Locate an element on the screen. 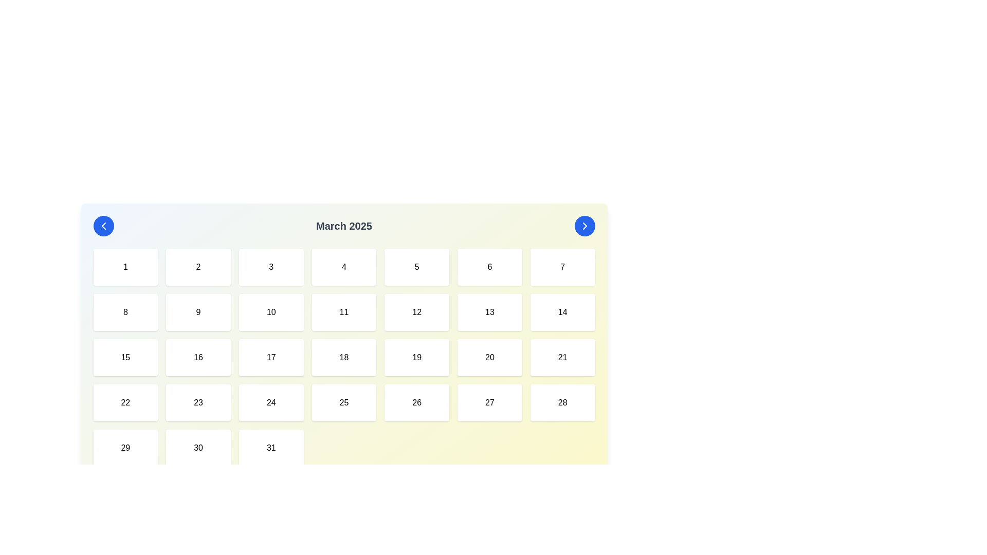 The image size is (987, 555). the date selector element representing the date in the sixth row and seventh column of the calendar grid is located at coordinates (489, 402).